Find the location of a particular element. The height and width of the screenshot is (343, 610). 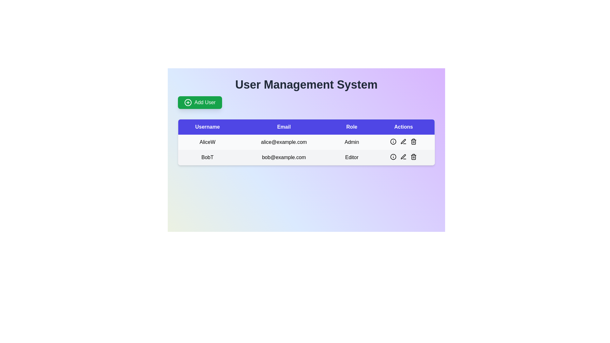

the table cell displaying the email address associated with the user 'AliceW' in the user management system, located in the first row of the 'Email' column is located at coordinates (306, 142).